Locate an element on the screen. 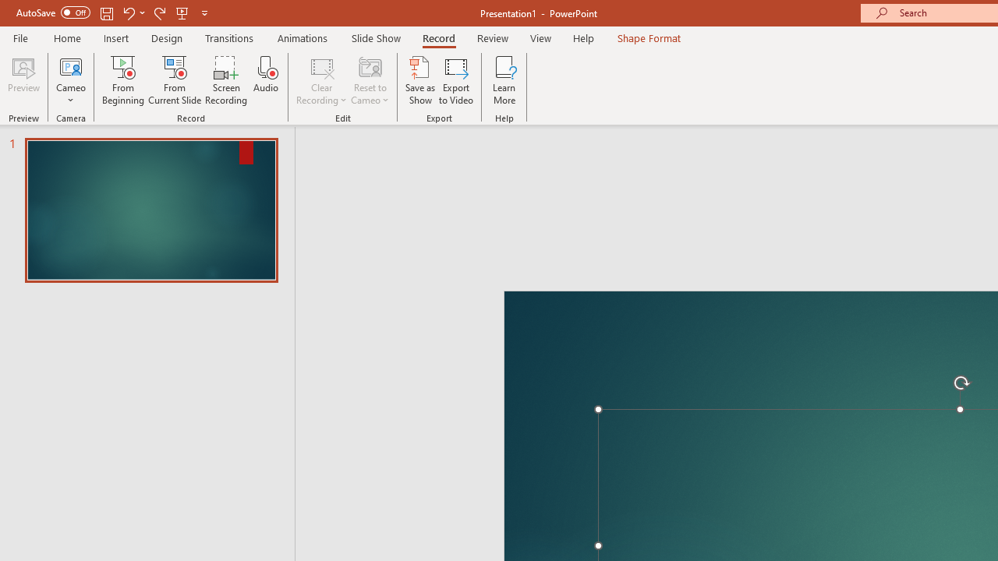 Image resolution: width=998 pixels, height=561 pixels. 'Export to Video' is located at coordinates (455, 80).